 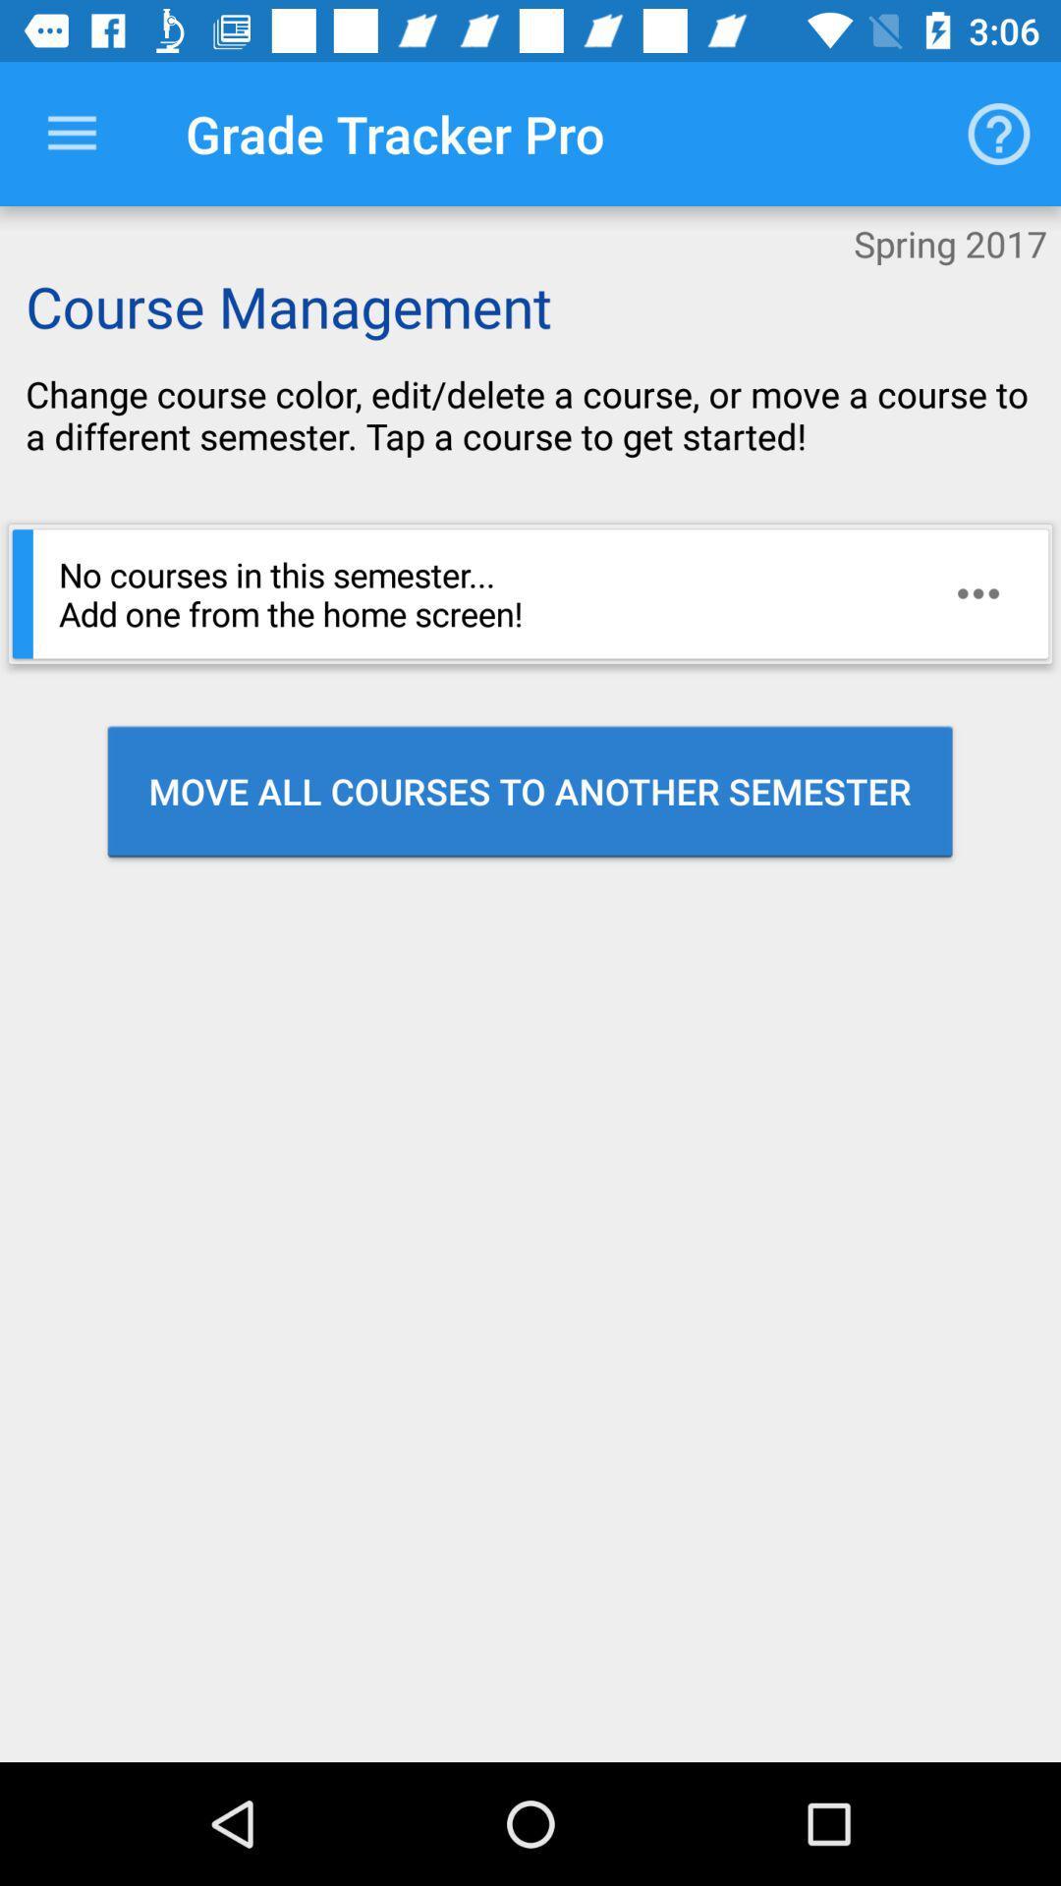 What do you see at coordinates (71, 133) in the screenshot?
I see `the icon above the course management icon` at bounding box center [71, 133].